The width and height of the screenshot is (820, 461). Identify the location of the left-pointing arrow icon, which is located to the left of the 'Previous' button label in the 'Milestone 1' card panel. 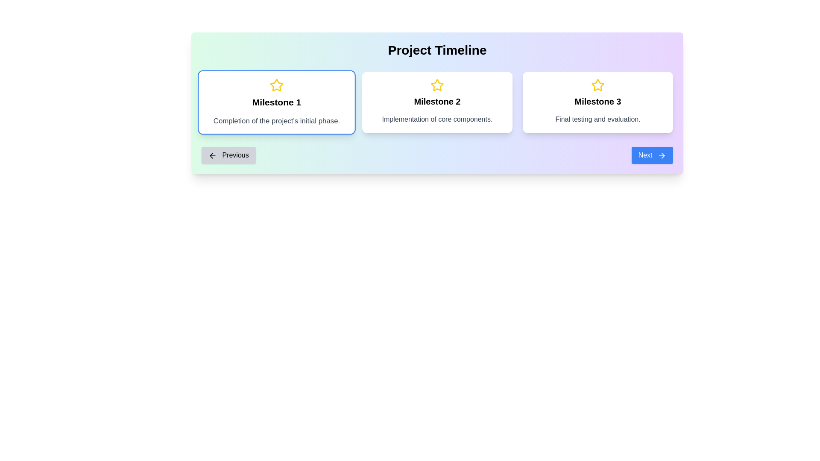
(213, 155).